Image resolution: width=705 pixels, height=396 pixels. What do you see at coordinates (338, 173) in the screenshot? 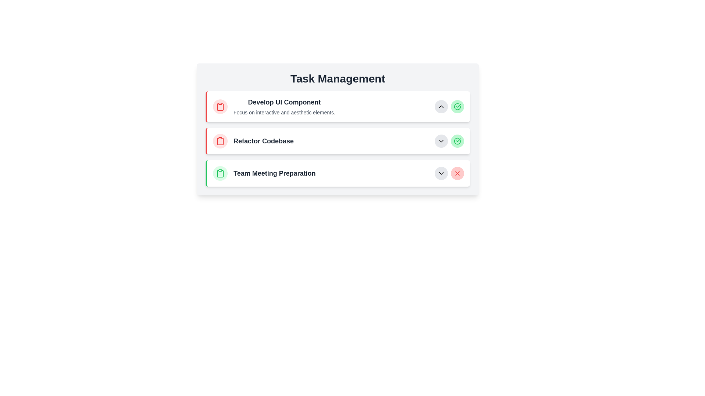
I see `the task in the task manager application, specifically the List item located in the third row below 'Refactor Codebase'` at bounding box center [338, 173].